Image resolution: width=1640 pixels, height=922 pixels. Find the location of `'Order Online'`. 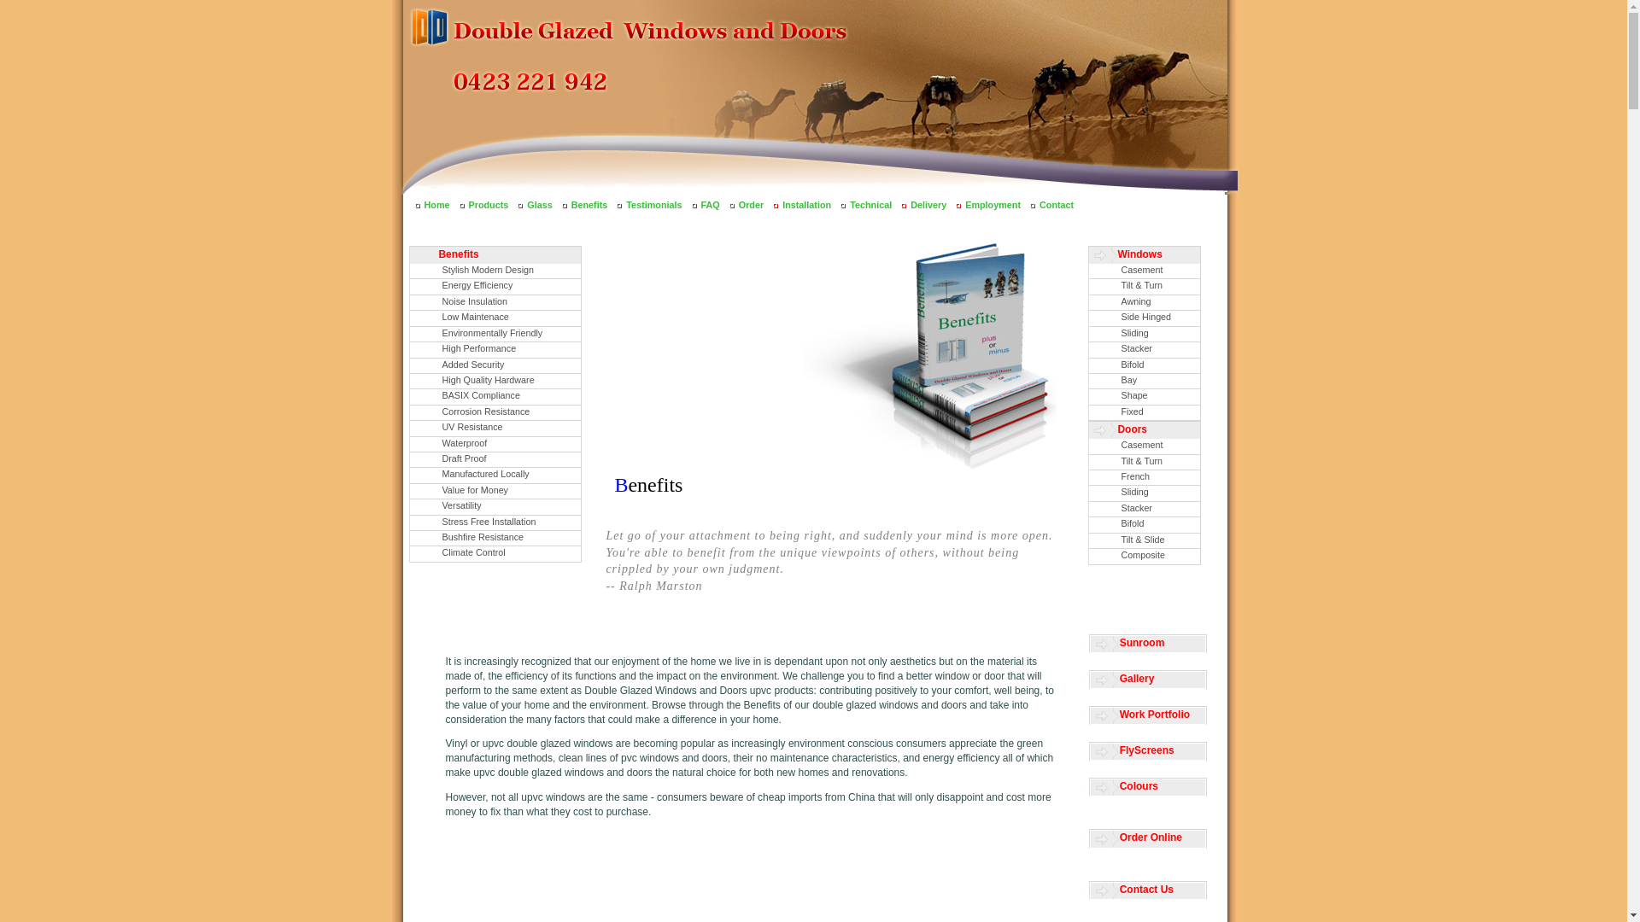

'Order Online' is located at coordinates (1089, 837).